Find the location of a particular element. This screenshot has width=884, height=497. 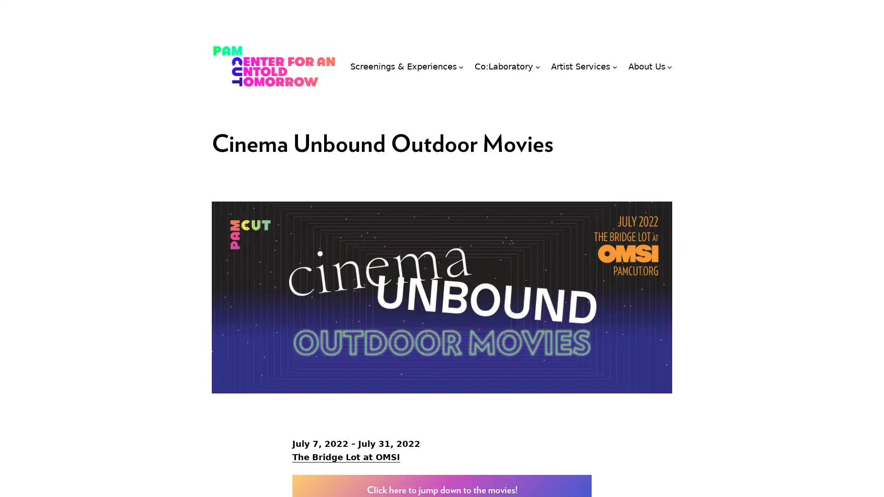

About Us submenu is located at coordinates (669, 66).